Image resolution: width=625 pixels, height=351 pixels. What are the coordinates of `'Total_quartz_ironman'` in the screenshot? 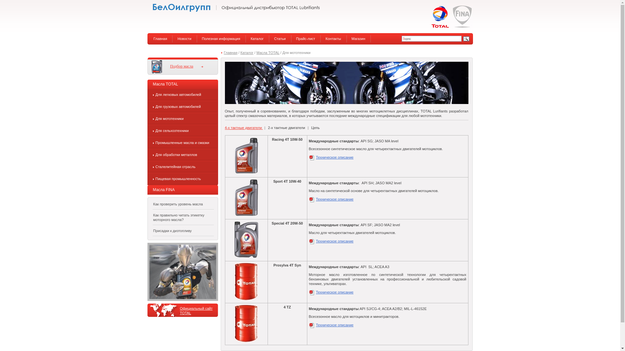 It's located at (182, 272).